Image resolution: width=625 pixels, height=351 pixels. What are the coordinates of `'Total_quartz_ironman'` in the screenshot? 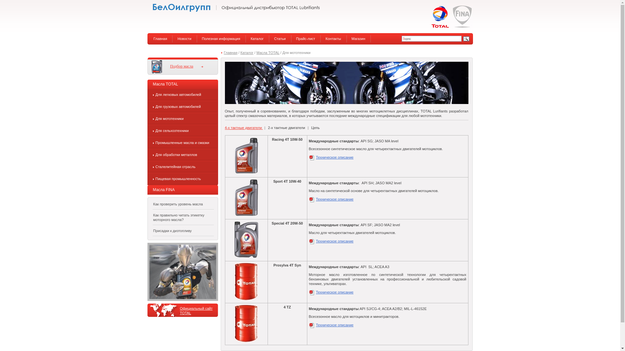 It's located at (182, 272).